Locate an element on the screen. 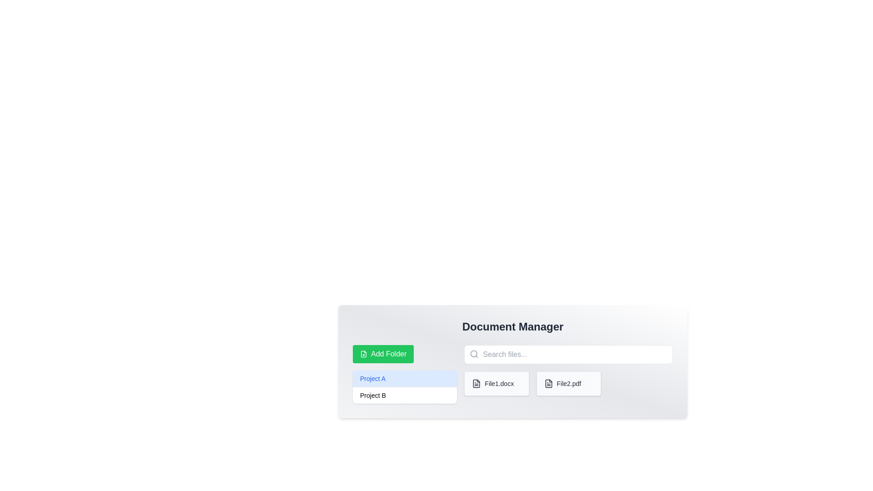 Image resolution: width=873 pixels, height=491 pixels. the 'File2.pdf' item in the Document Manager section is located at coordinates (568, 374).